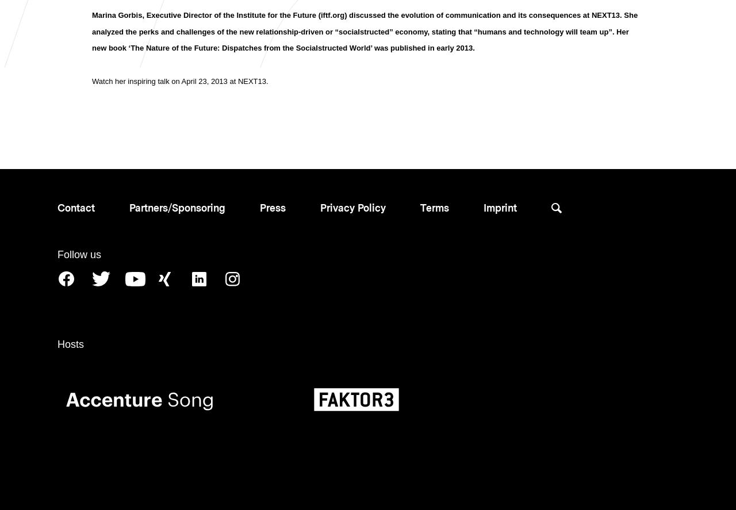 This screenshot has height=510, width=736. Describe the element at coordinates (177, 206) in the screenshot. I see `'Partners/Sponsoring'` at that location.